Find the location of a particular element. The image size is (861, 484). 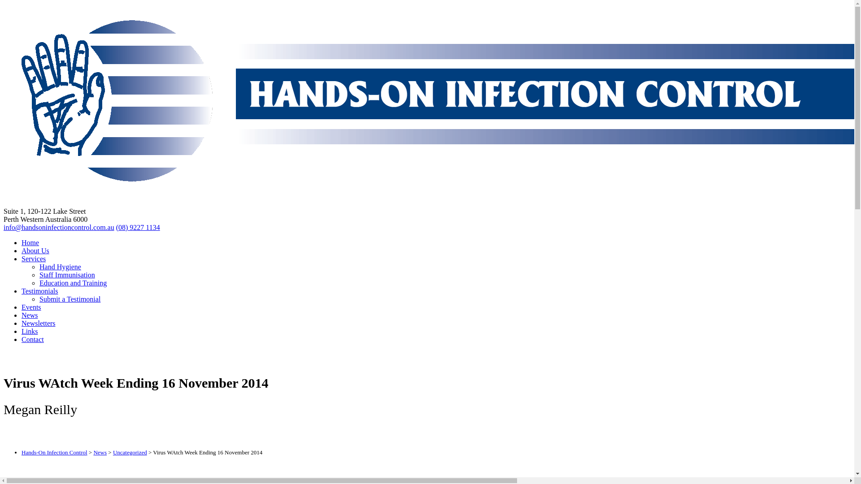

'Home' is located at coordinates (22, 242).